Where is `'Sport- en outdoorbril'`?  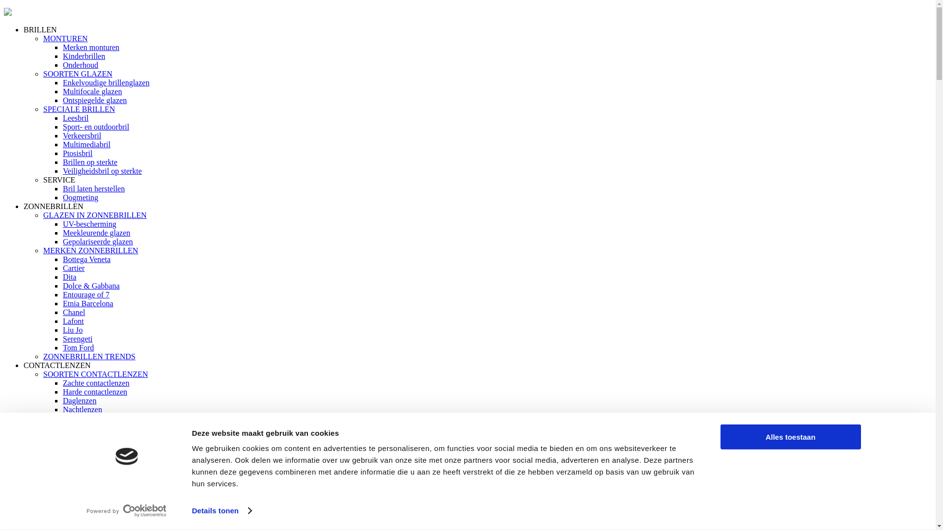 'Sport- en outdoorbril' is located at coordinates (96, 126).